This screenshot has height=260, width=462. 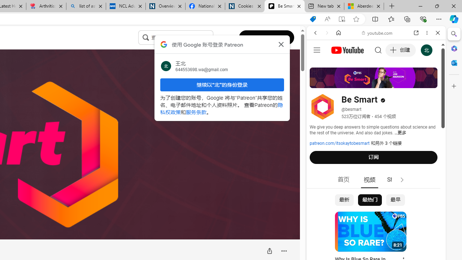 What do you see at coordinates (313, 19) in the screenshot?
I see `'Shopping in Microsoft Edge'` at bounding box center [313, 19].